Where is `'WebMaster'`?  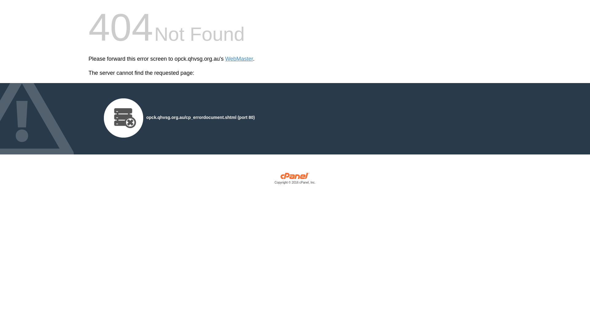
'WebMaster' is located at coordinates (239, 59).